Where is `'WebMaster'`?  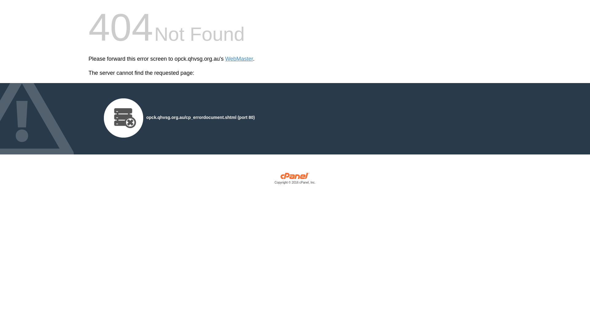
'WebMaster' is located at coordinates (239, 59).